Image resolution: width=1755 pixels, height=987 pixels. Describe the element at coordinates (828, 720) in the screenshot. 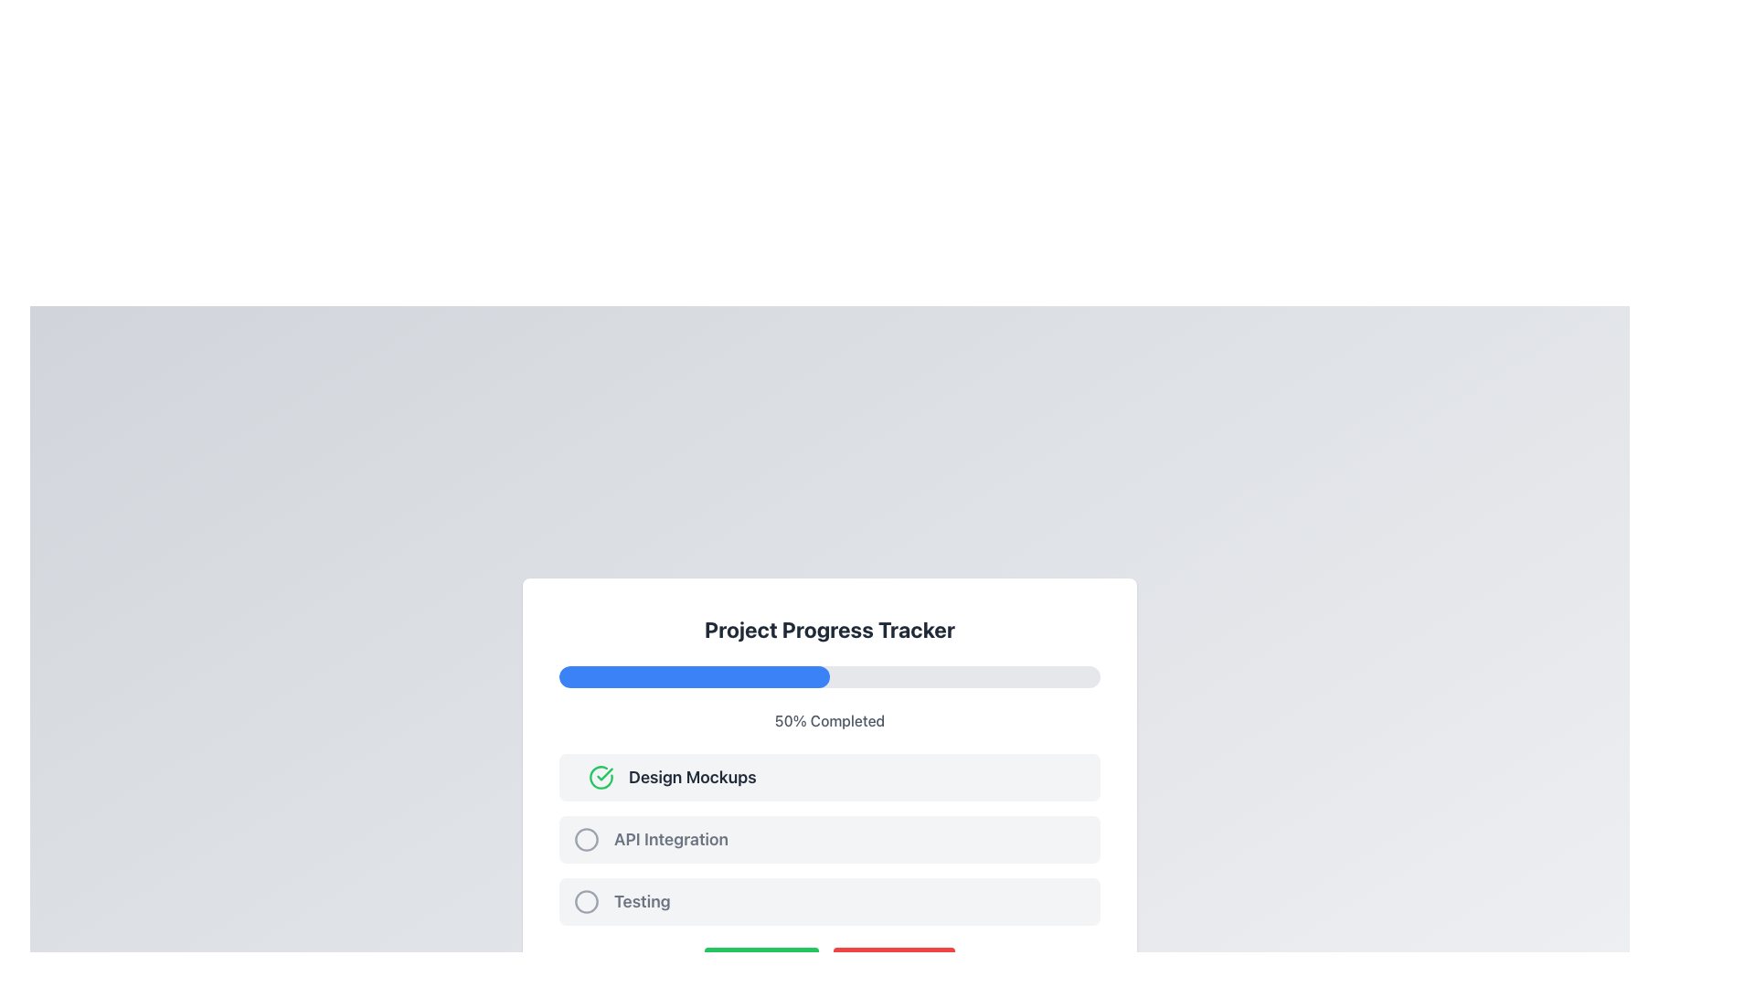

I see `the static text displaying the completion percentage of the project located below the progress bar in the 'Project Progress Tracker' section` at that location.